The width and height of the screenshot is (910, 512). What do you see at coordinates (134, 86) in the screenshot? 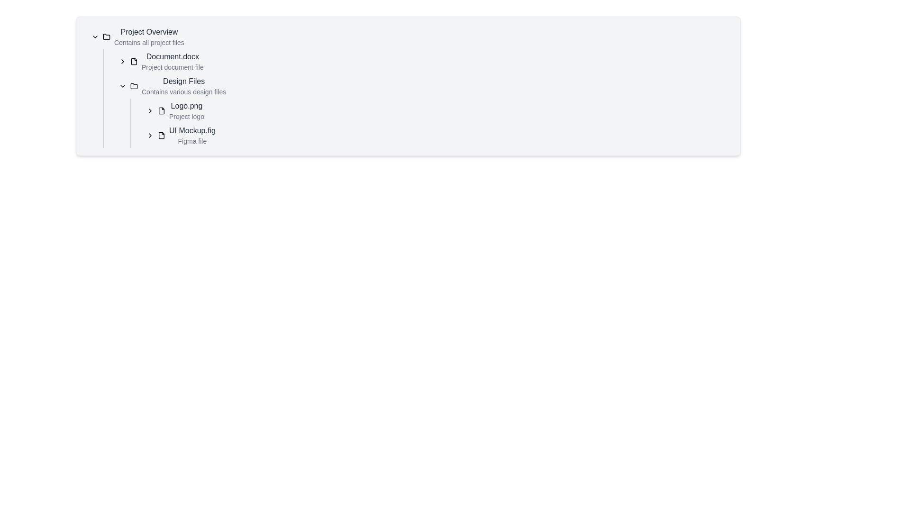
I see `the 'Design Files' folder icon located in the left-hand section of the hierarchical file structure interface` at bounding box center [134, 86].